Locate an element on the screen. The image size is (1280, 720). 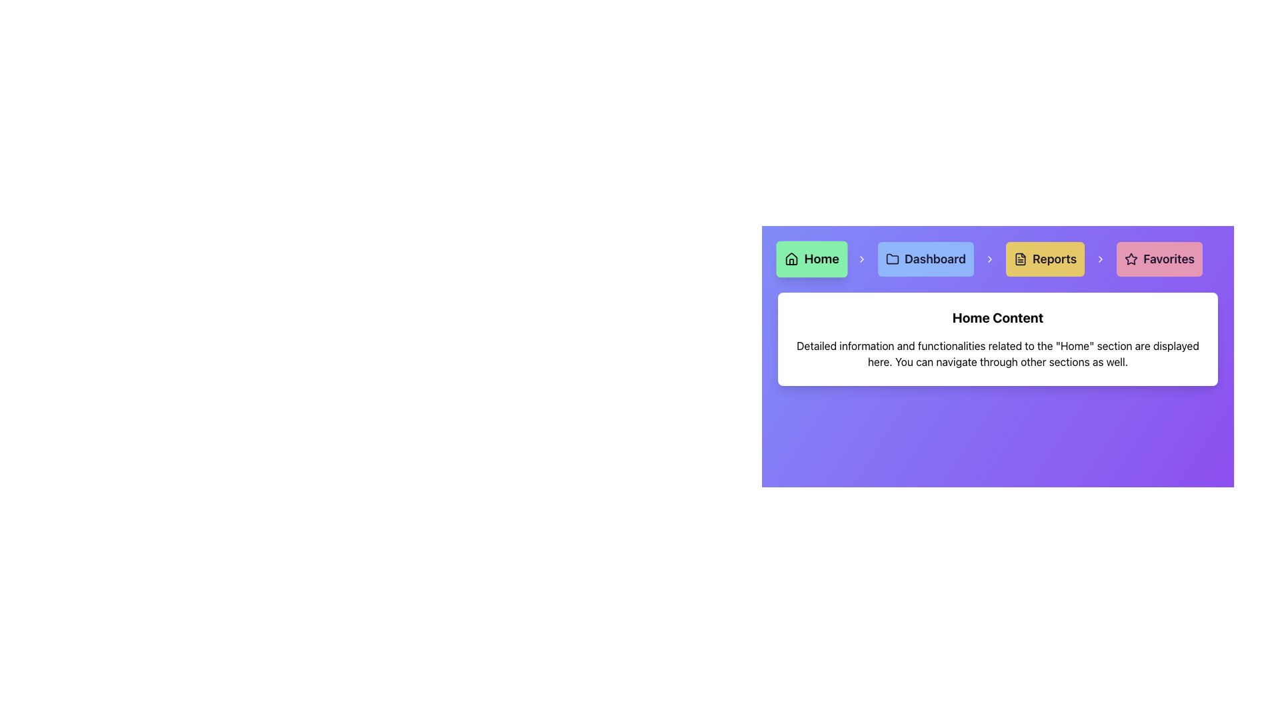
text of the 'Home' label, which is part of a green-highlighted button located at the top-left of the navigation bar, immediately to the right of a house icon is located at coordinates (821, 259).